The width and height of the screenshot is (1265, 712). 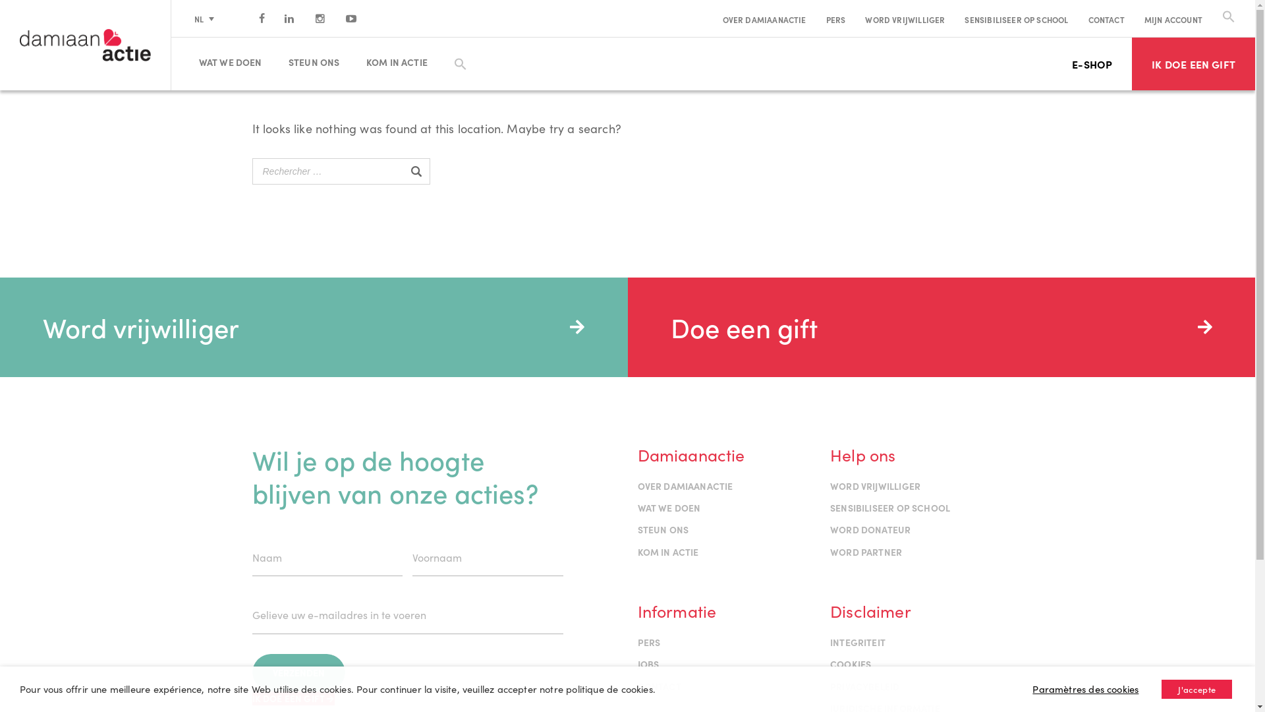 I want to click on 'WORD DONATEUR', so click(x=870, y=528).